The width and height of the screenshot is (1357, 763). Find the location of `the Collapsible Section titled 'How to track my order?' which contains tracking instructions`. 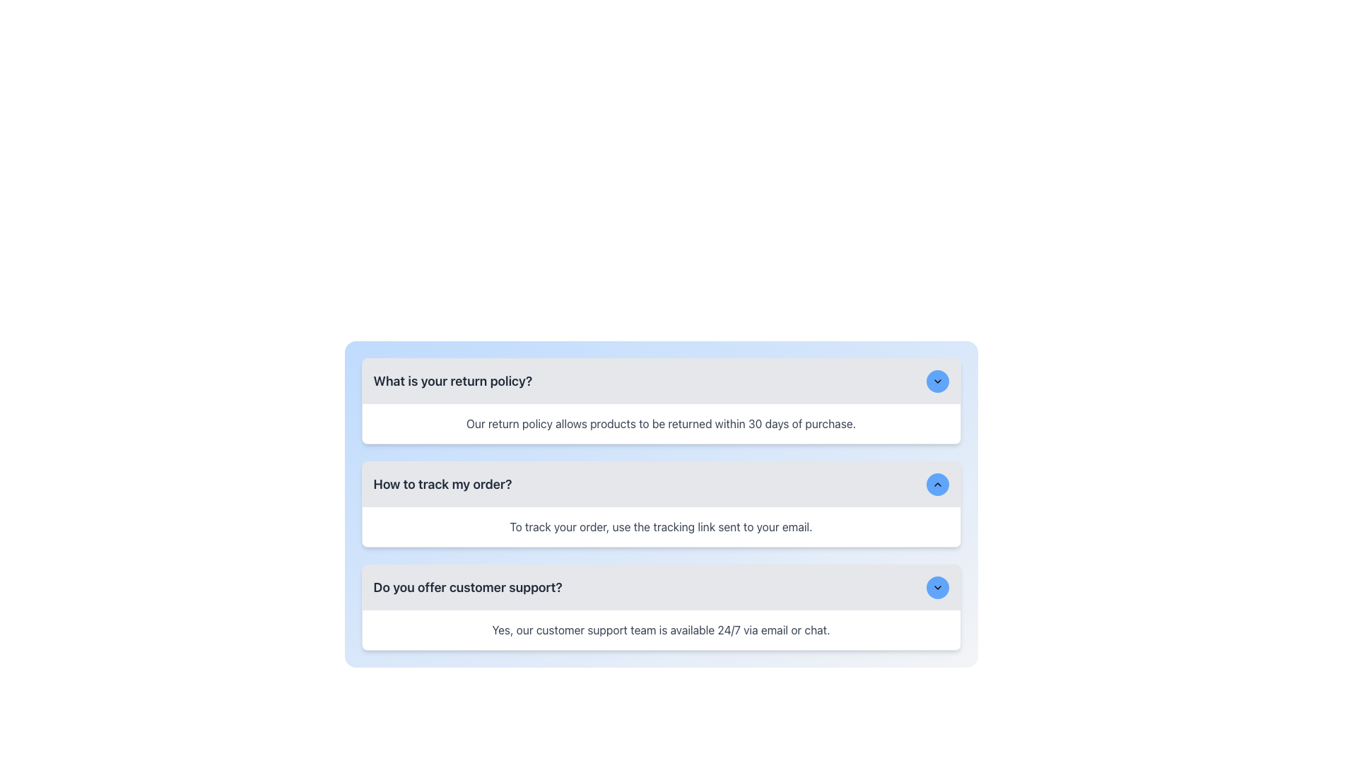

the Collapsible Section titled 'How to track my order?' which contains tracking instructions is located at coordinates (660, 503).